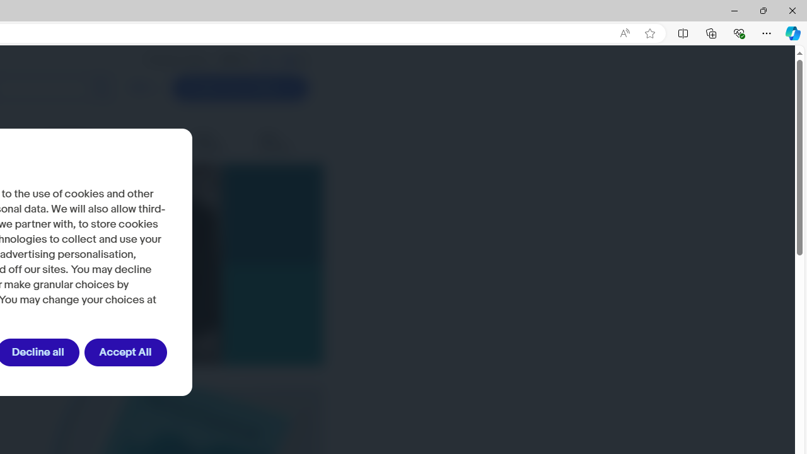 The image size is (807, 454). I want to click on 'Split screen', so click(682, 32).